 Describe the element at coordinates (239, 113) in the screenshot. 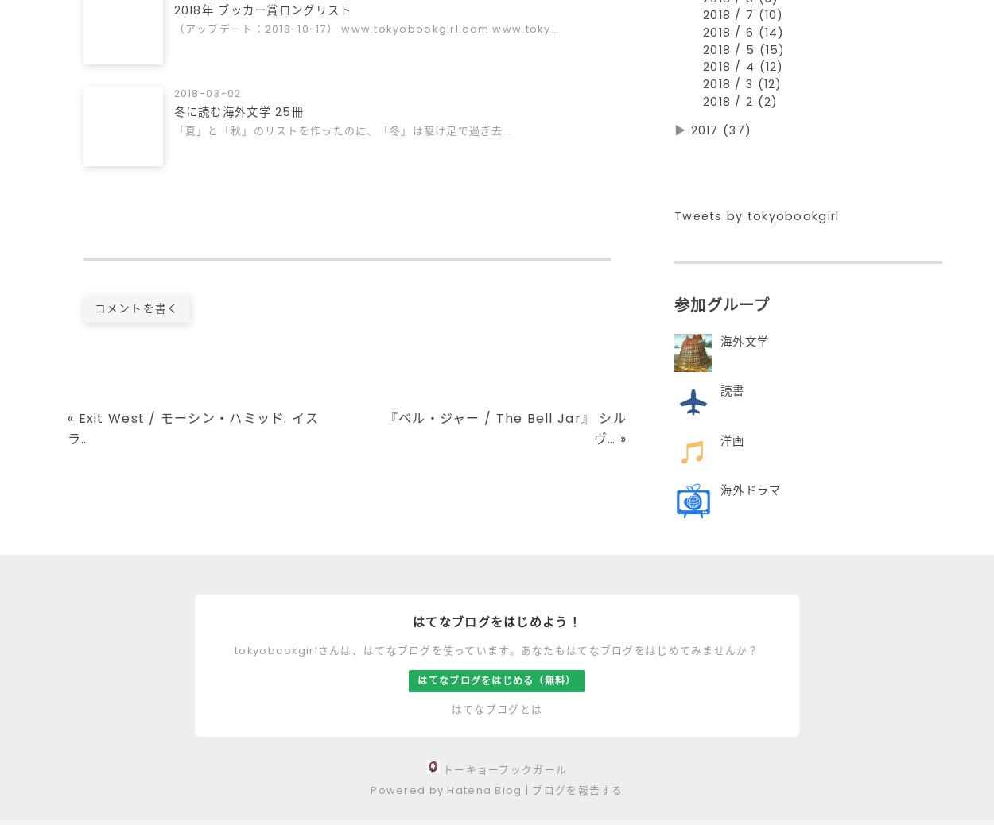

I see `'冬に読む海外文学 25冊'` at that location.